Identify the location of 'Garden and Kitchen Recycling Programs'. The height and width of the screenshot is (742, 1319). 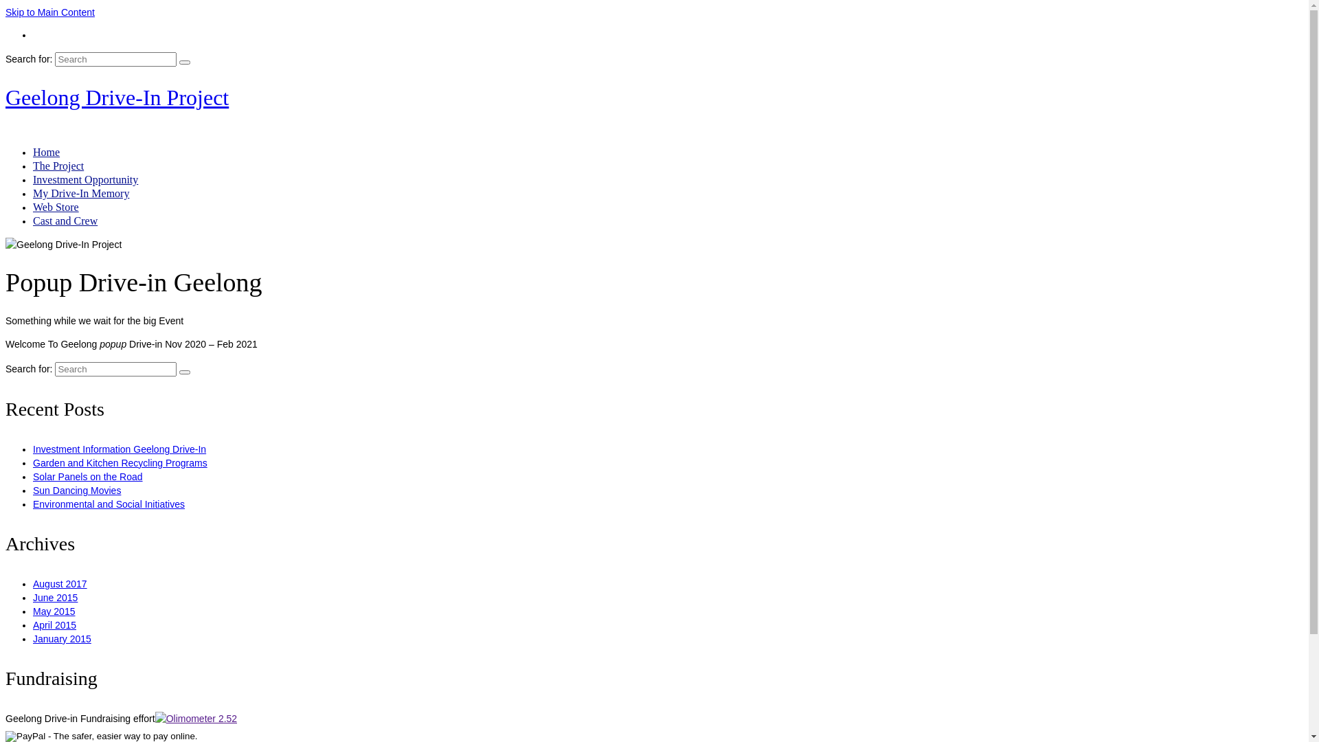
(120, 463).